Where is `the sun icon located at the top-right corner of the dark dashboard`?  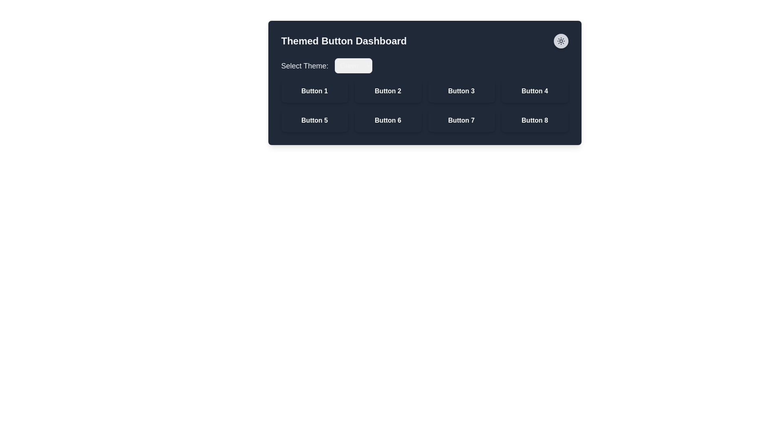
the sun icon located at the top-right corner of the dark dashboard is located at coordinates (560, 41).